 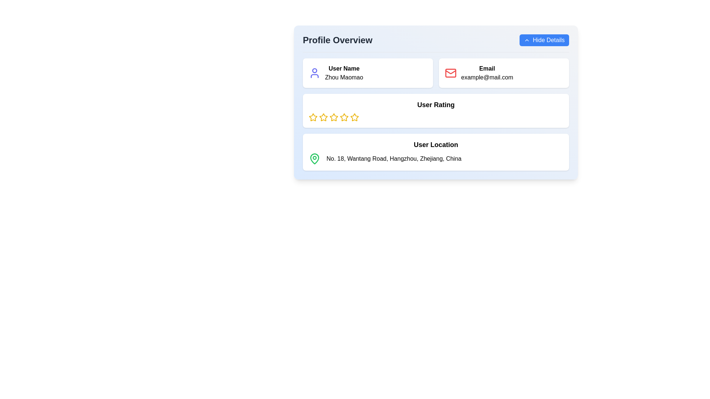 I want to click on the fourth star icon in the User Rating section to rate it, so click(x=333, y=117).